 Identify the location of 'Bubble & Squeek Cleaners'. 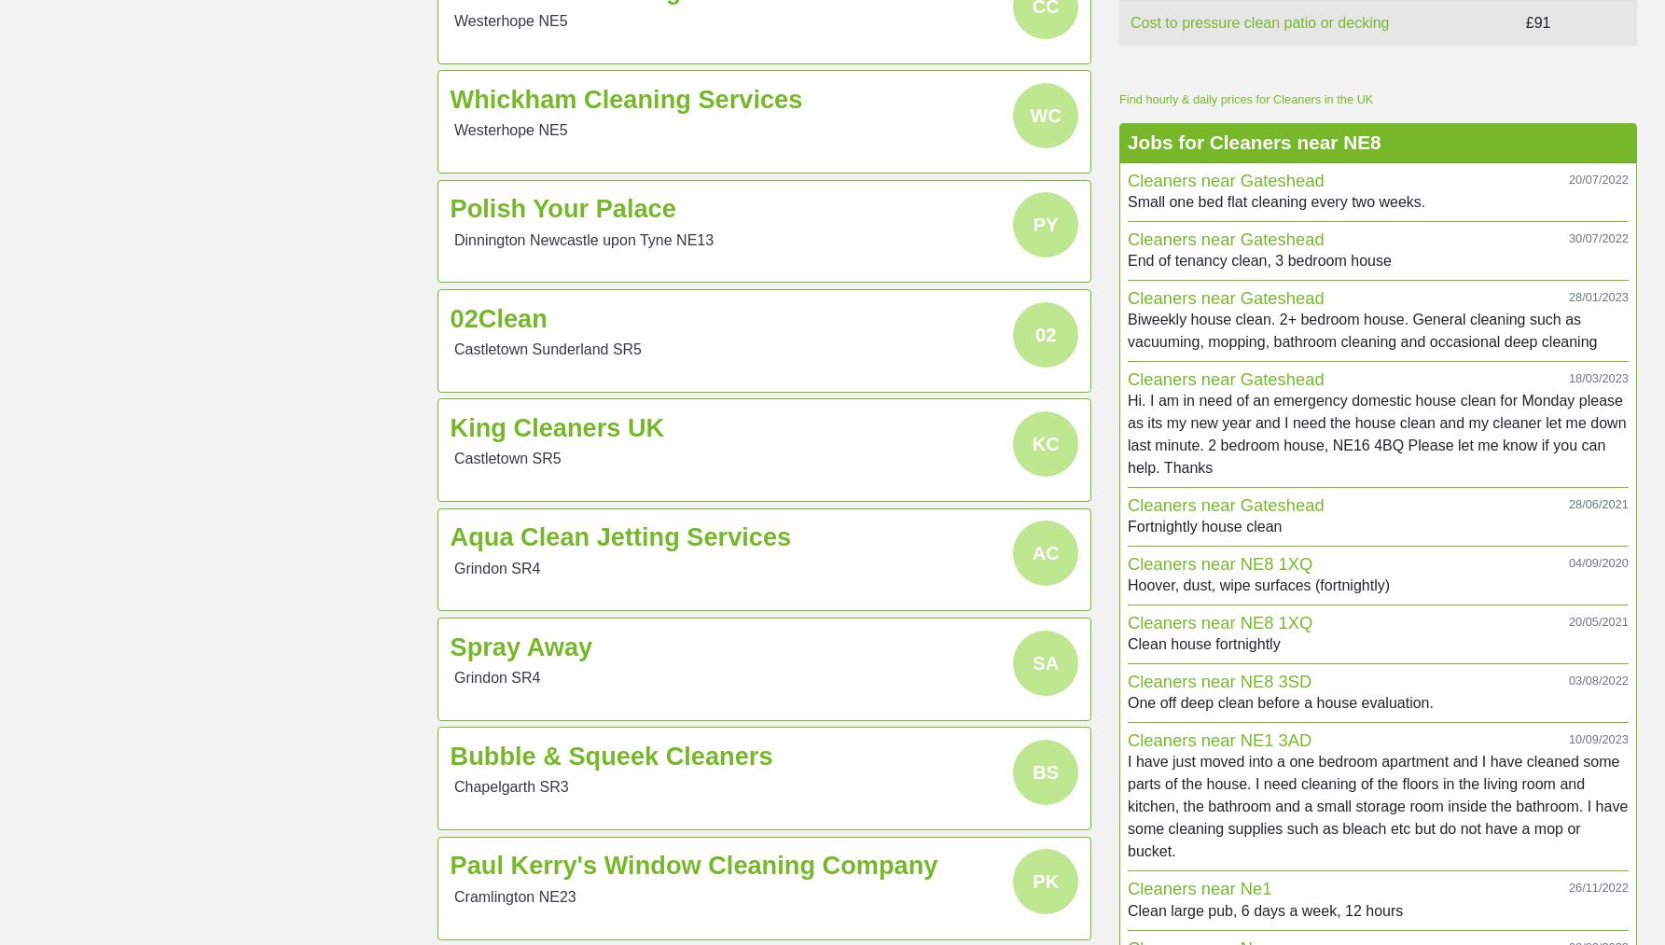
(448, 756).